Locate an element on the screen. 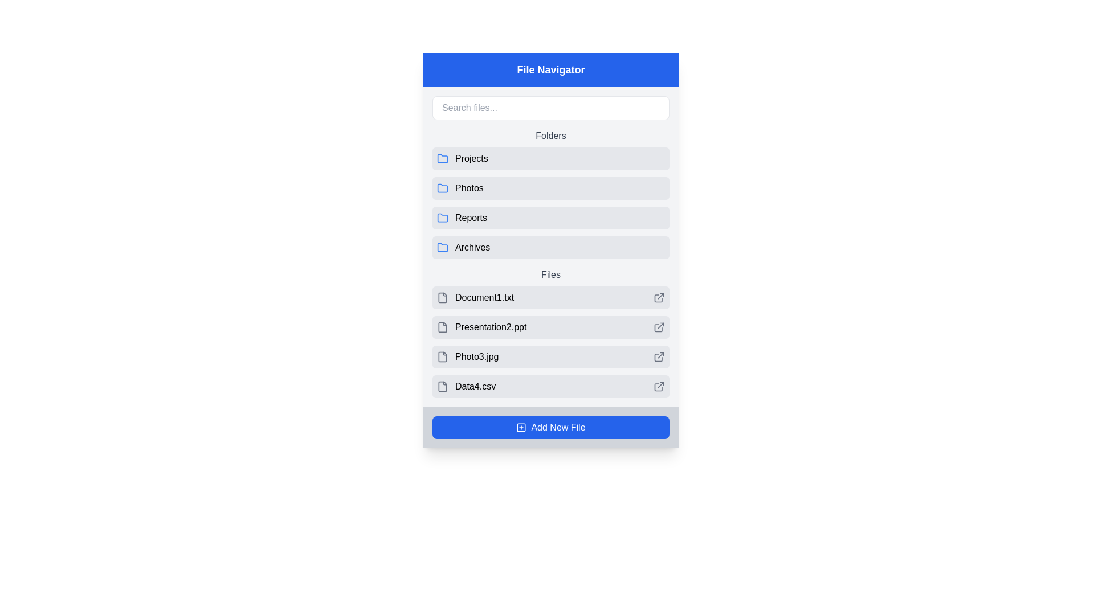  the file icon representing 'Document1.txt', which has a rectangular shape with a folded top-right corner and a gray border is located at coordinates (442, 297).